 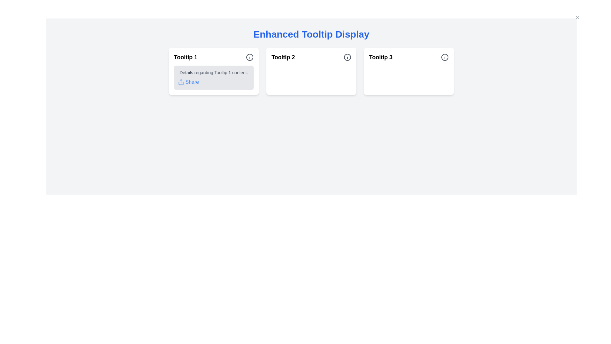 What do you see at coordinates (283, 57) in the screenshot?
I see `the bold text label reading 'Tooltip 2', which is centrally located between the cards labeled 'Tooltip 1' and 'Tooltip 3'` at bounding box center [283, 57].